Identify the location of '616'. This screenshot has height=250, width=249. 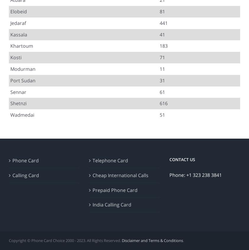
(163, 103).